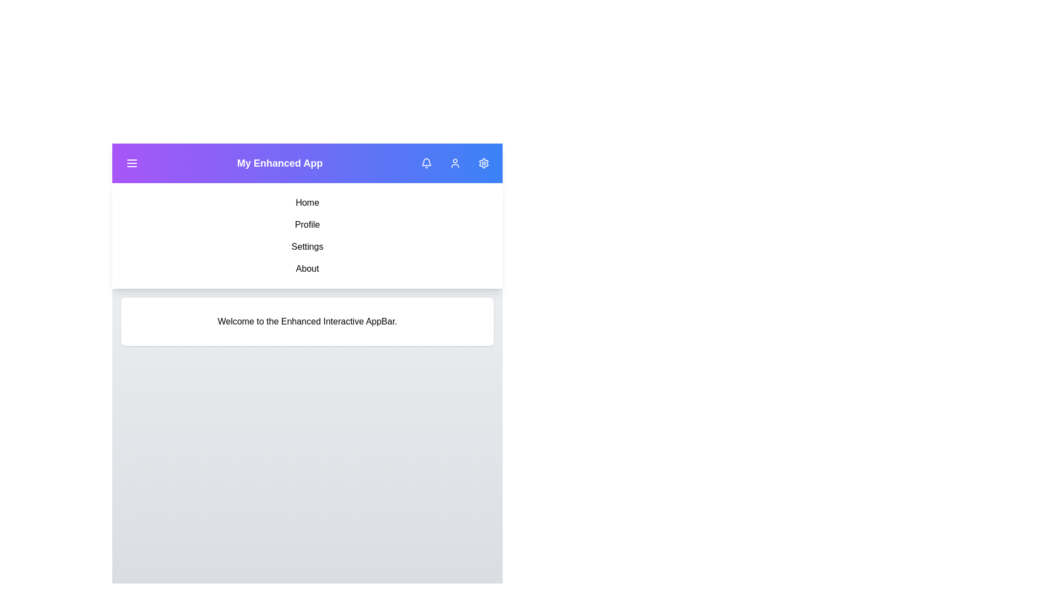 The image size is (1057, 594). I want to click on the menu item Settings to navigate to the corresponding section, so click(307, 246).